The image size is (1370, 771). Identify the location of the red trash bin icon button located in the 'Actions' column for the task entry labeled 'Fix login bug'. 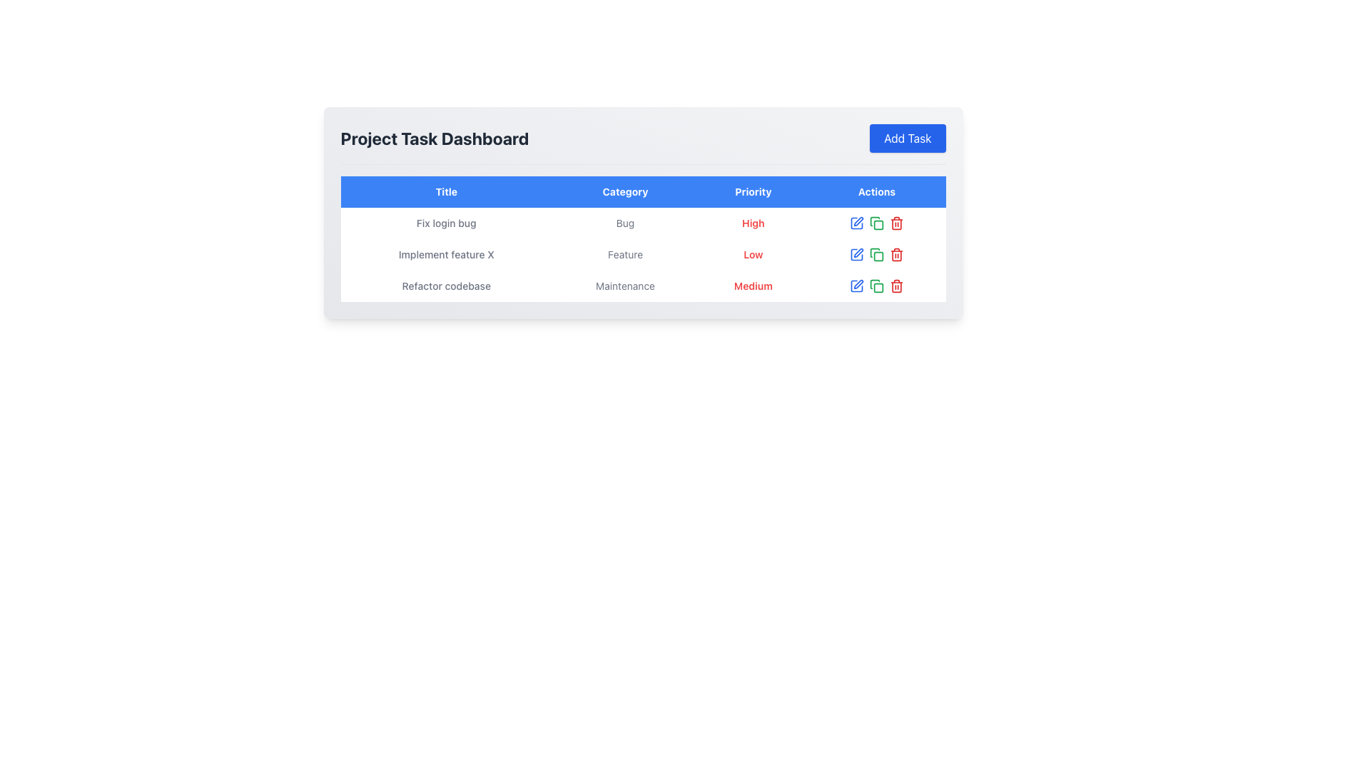
(896, 223).